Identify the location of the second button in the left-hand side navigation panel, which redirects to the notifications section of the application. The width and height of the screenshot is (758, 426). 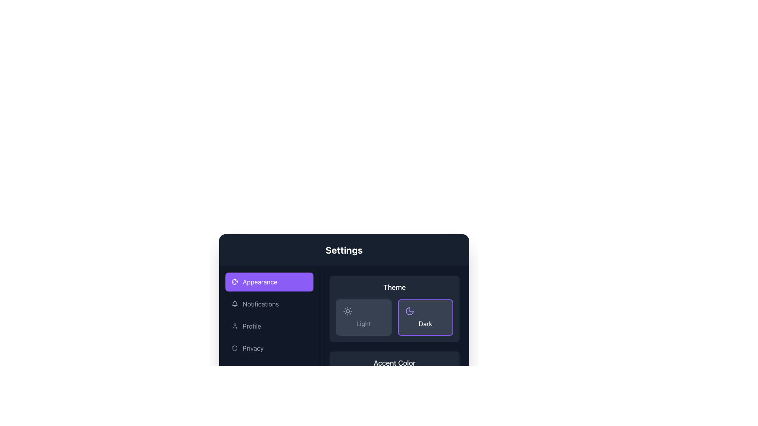
(269, 304).